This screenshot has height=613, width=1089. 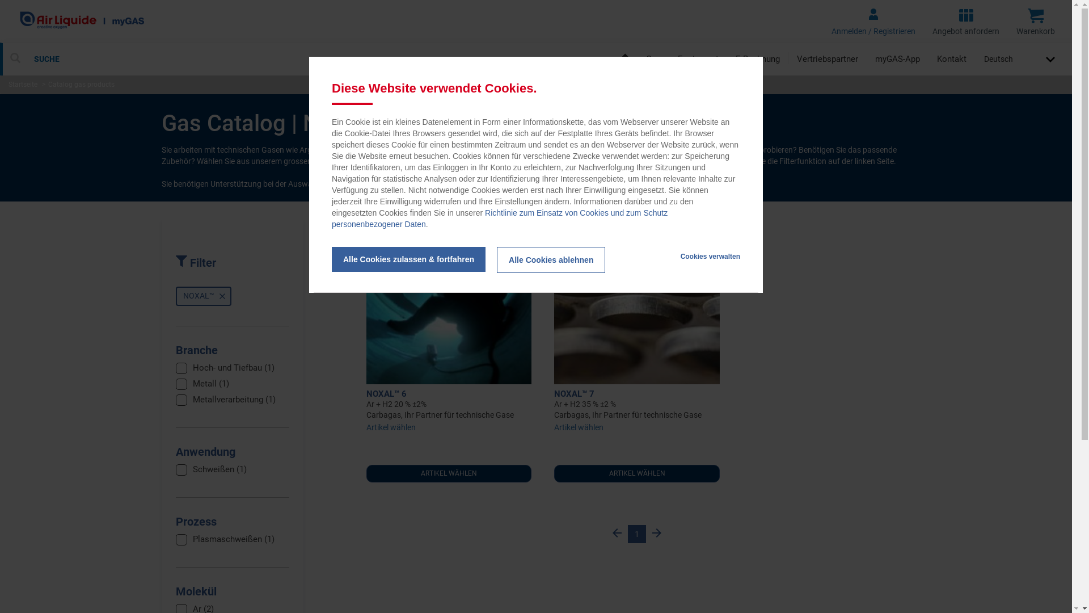 I want to click on 'hier', so click(x=408, y=183).